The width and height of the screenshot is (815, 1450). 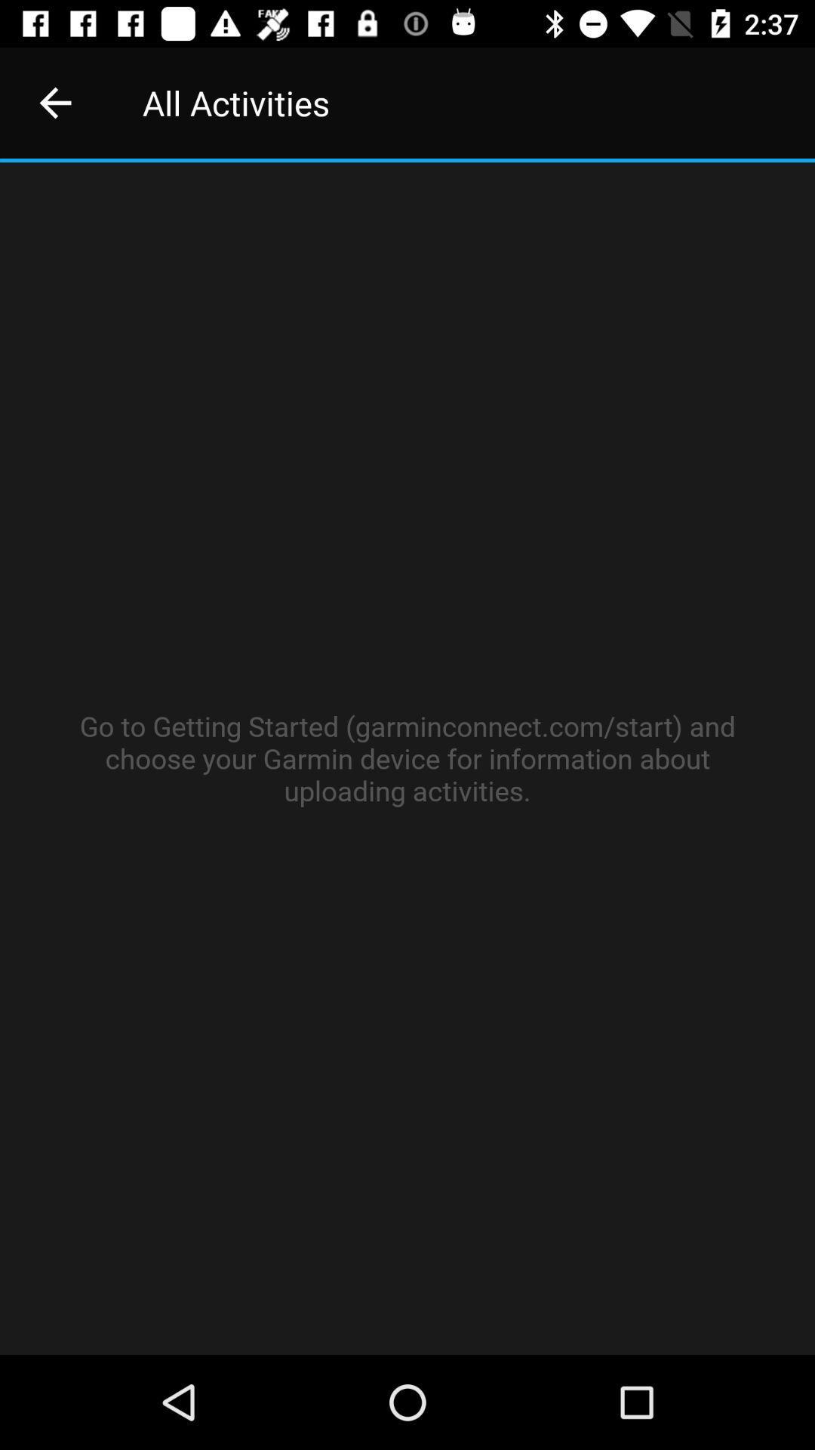 I want to click on the item next to all activities item, so click(x=54, y=102).